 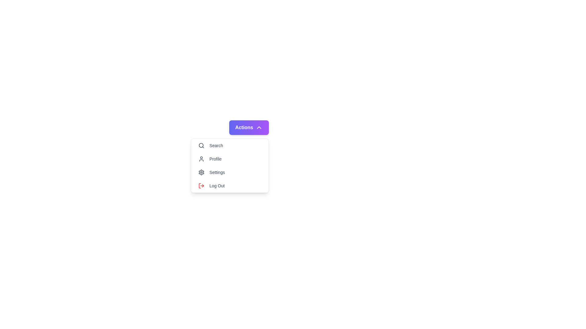 I want to click on the 'Search' text label located next to the magnifying glass icon within the 'Actions' dropdown menu, so click(x=216, y=146).